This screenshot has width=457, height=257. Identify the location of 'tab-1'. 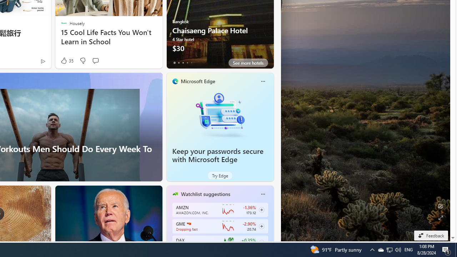
(179, 62).